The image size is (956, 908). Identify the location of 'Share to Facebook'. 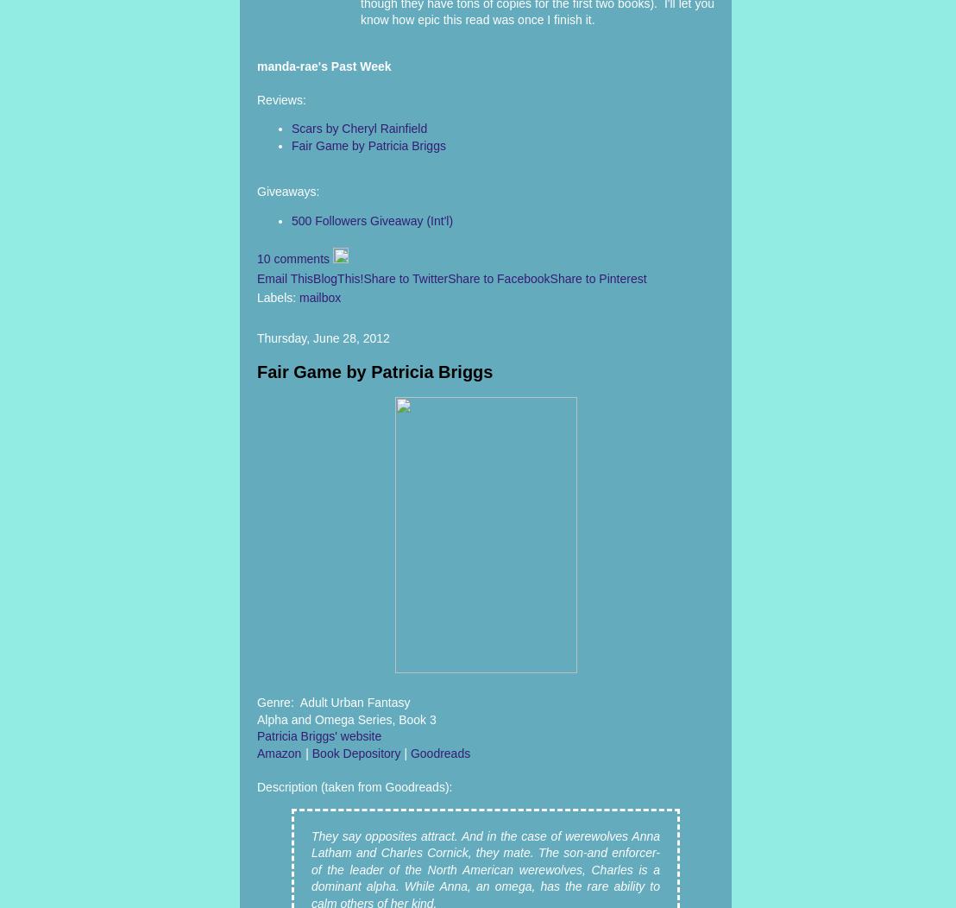
(499, 277).